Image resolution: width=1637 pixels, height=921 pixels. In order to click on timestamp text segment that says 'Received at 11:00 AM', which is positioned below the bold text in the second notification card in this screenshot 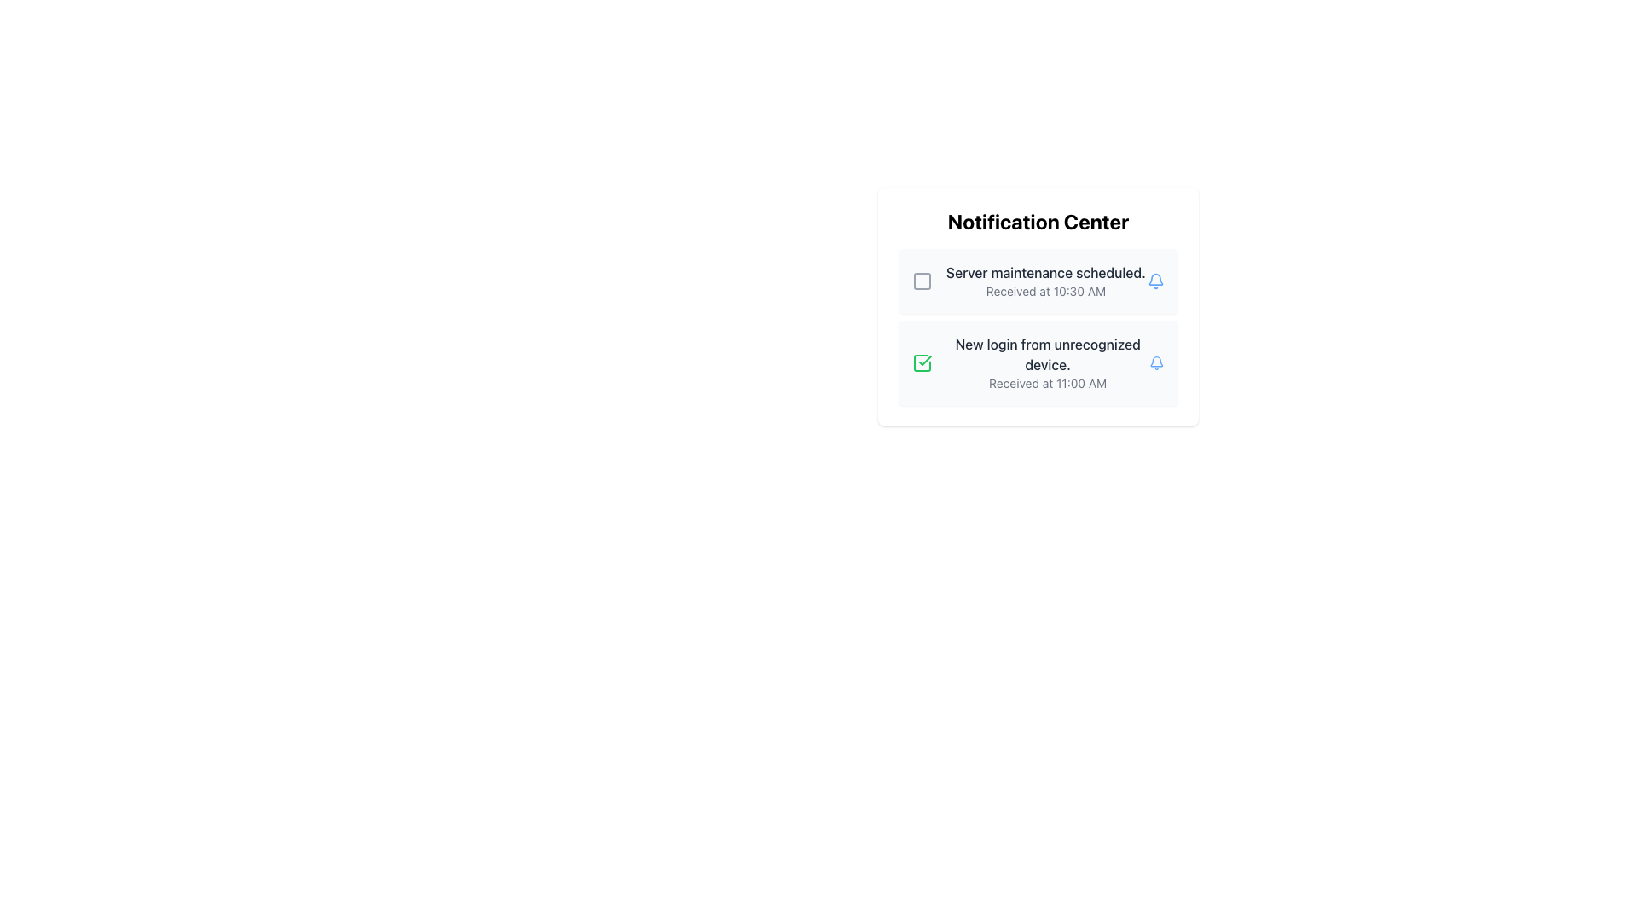, I will do `click(1047, 384)`.